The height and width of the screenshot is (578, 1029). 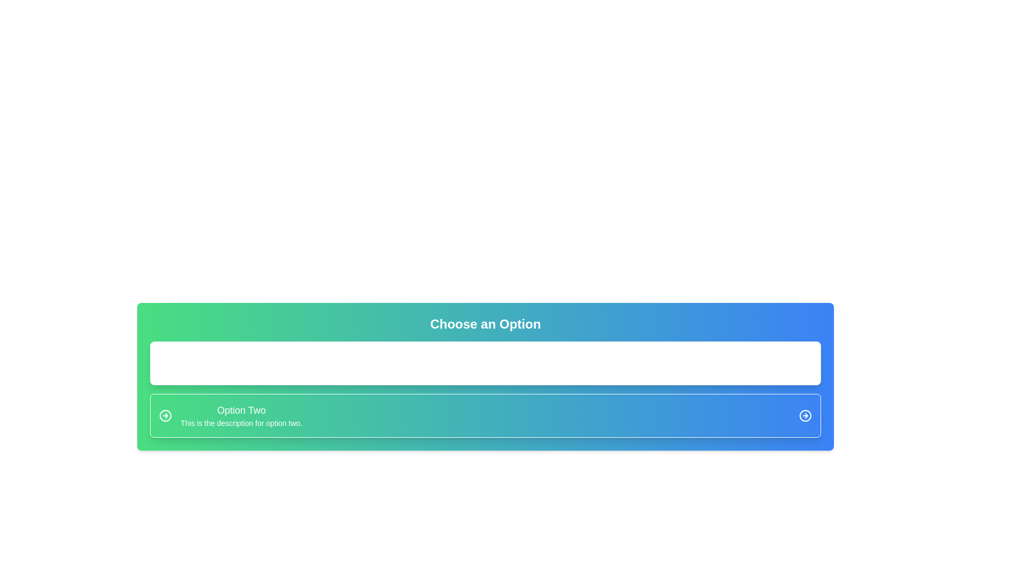 I want to click on the text heading element that displays 'Choose an Option', so click(x=485, y=323).